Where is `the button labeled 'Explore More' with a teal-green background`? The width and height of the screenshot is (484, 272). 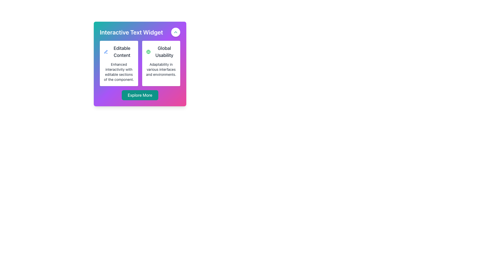 the button labeled 'Explore More' with a teal-green background is located at coordinates (140, 95).